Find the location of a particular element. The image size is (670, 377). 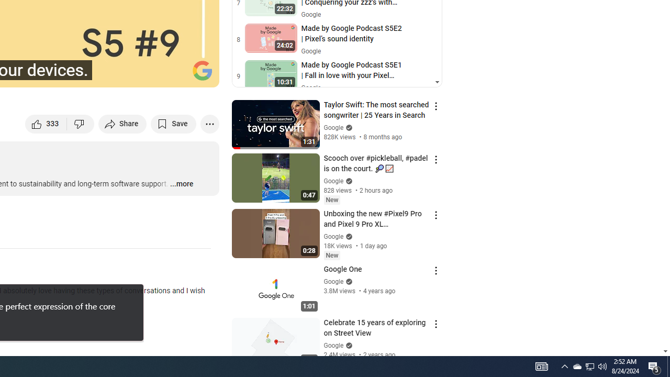

'like this video along with 333 other people' is located at coordinates (46, 123).